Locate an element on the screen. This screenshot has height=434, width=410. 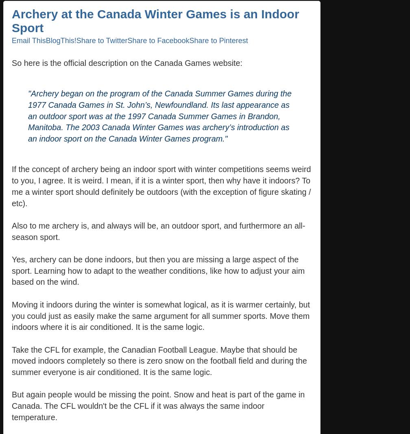
'But again people would be missing the point. Snow and heat is part of the game in Canada. The CFL wouldn't be the CFL if it was always the same indoor temperature.' is located at coordinates (12, 406).